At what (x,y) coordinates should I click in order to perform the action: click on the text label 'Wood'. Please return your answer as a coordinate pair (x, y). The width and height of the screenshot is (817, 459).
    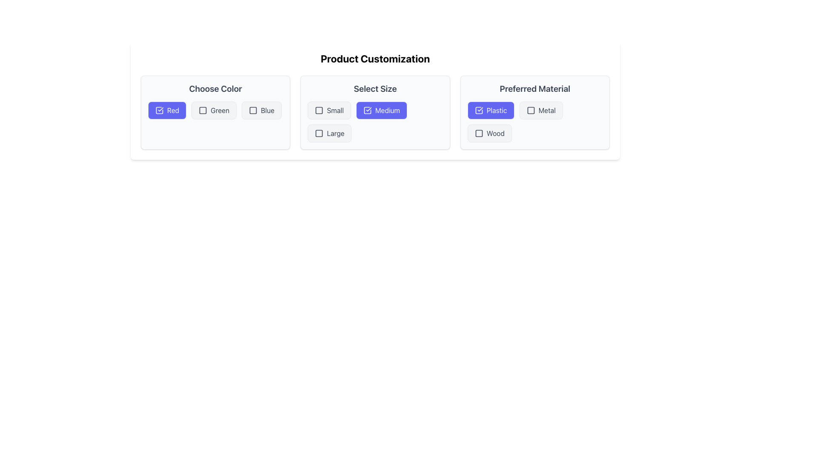
    Looking at the image, I should click on (495, 133).